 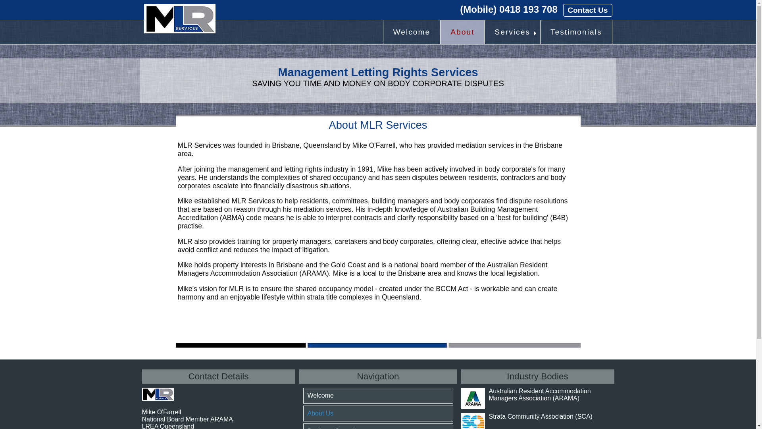 What do you see at coordinates (540, 416) in the screenshot?
I see `'Strata Community Association (SCA)'` at bounding box center [540, 416].